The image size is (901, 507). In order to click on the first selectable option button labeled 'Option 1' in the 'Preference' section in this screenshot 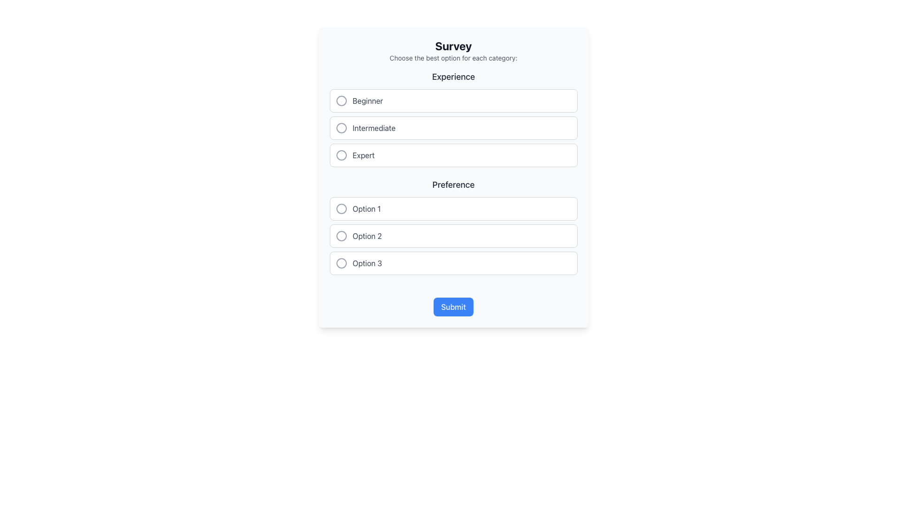, I will do `click(453, 208)`.